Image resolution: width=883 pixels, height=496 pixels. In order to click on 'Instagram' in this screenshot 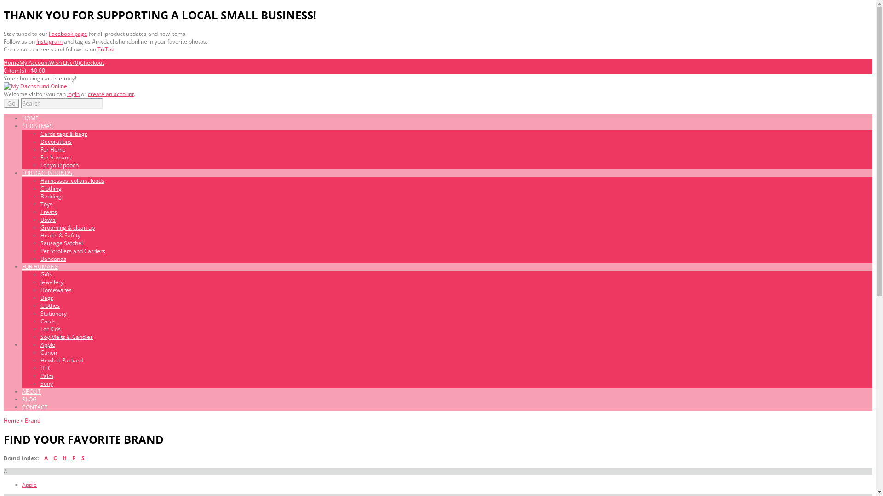, I will do `click(49, 41)`.